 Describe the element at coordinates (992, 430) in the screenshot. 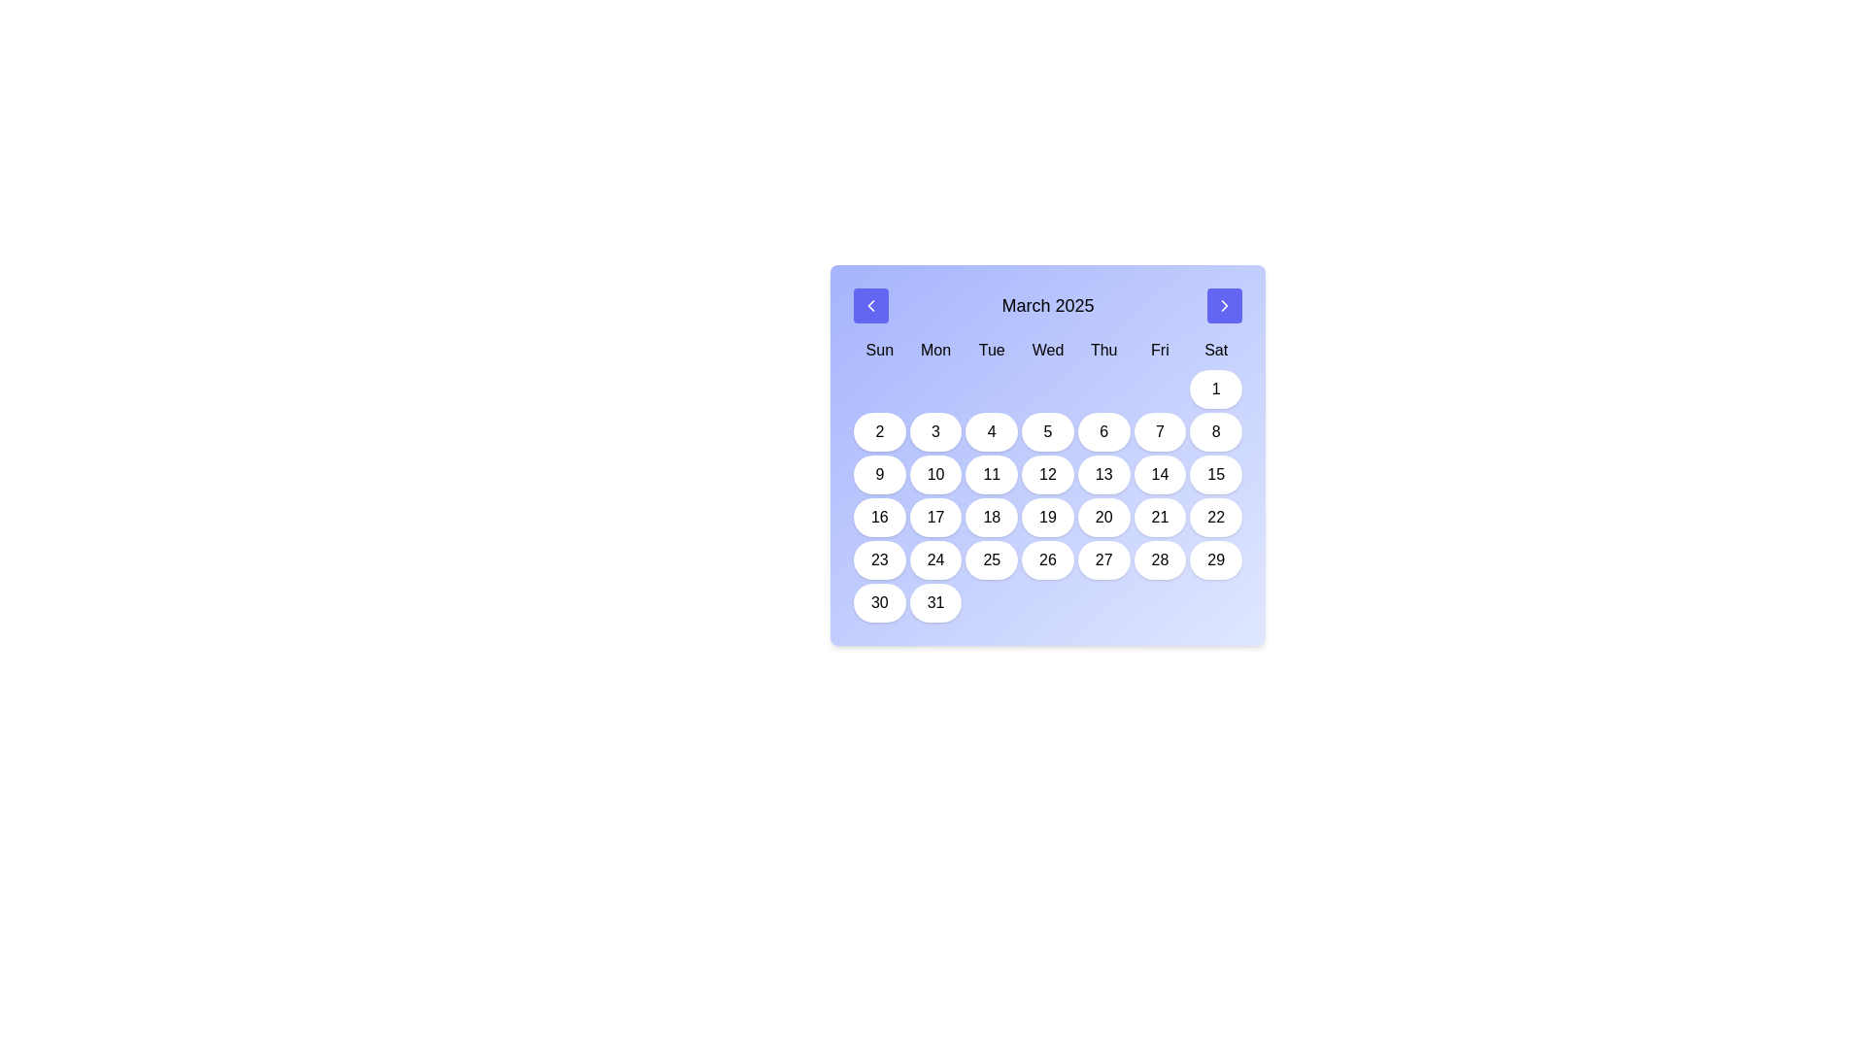

I see `the circular button with a white background and the number '4' in black text located in the second row and third column of the calendar grid to trigger a hover effect` at that location.